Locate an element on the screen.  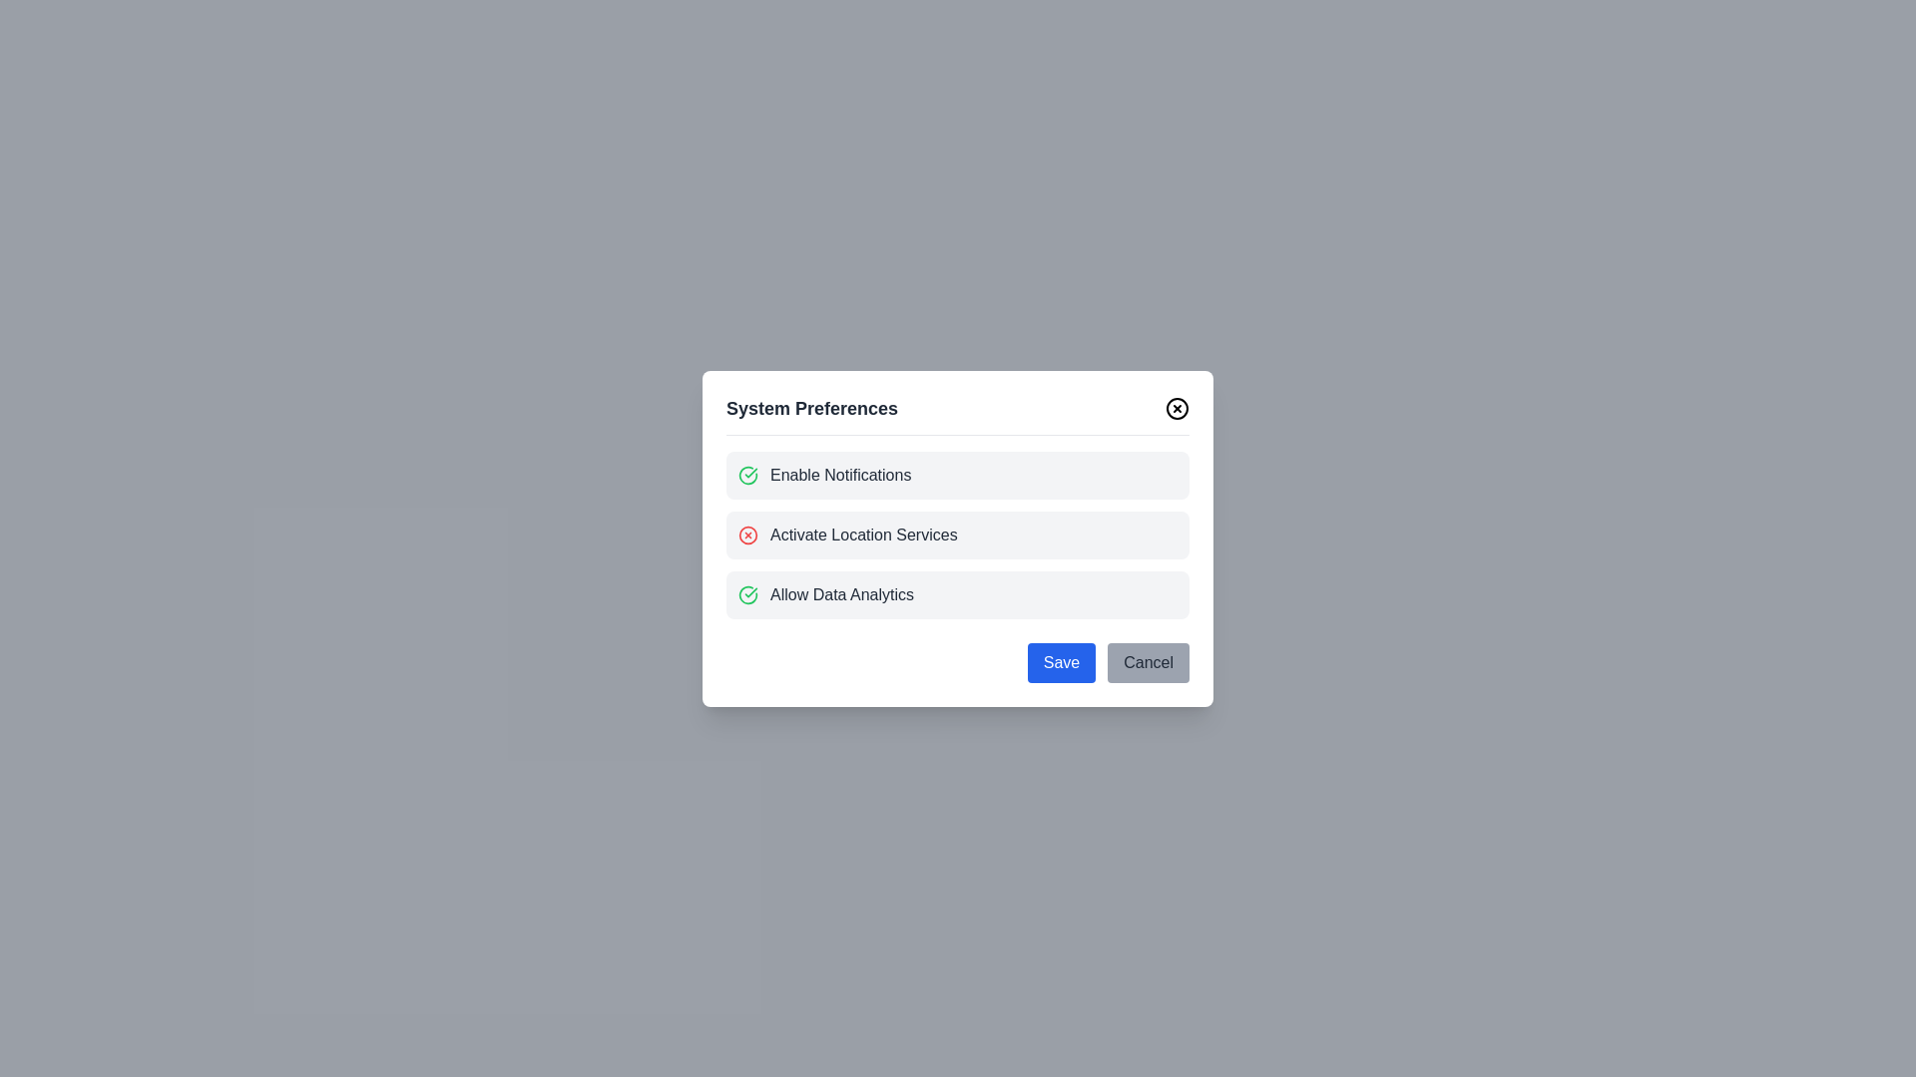
the close button to dismiss the dialog is located at coordinates (1178, 407).